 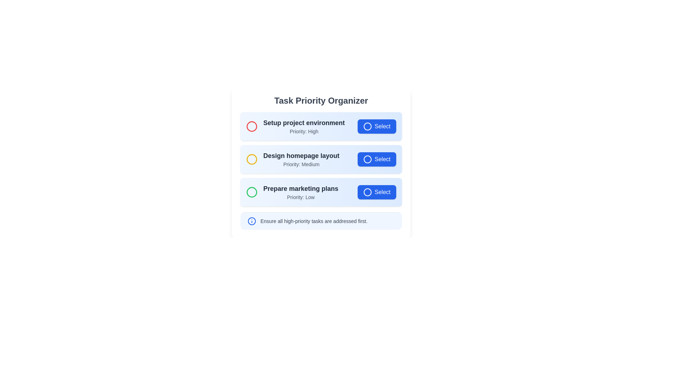 What do you see at coordinates (382, 126) in the screenshot?
I see `the 'Select' button, which is styled in white text on a blue rectangular background with rounded corners, to observe its hover state` at bounding box center [382, 126].